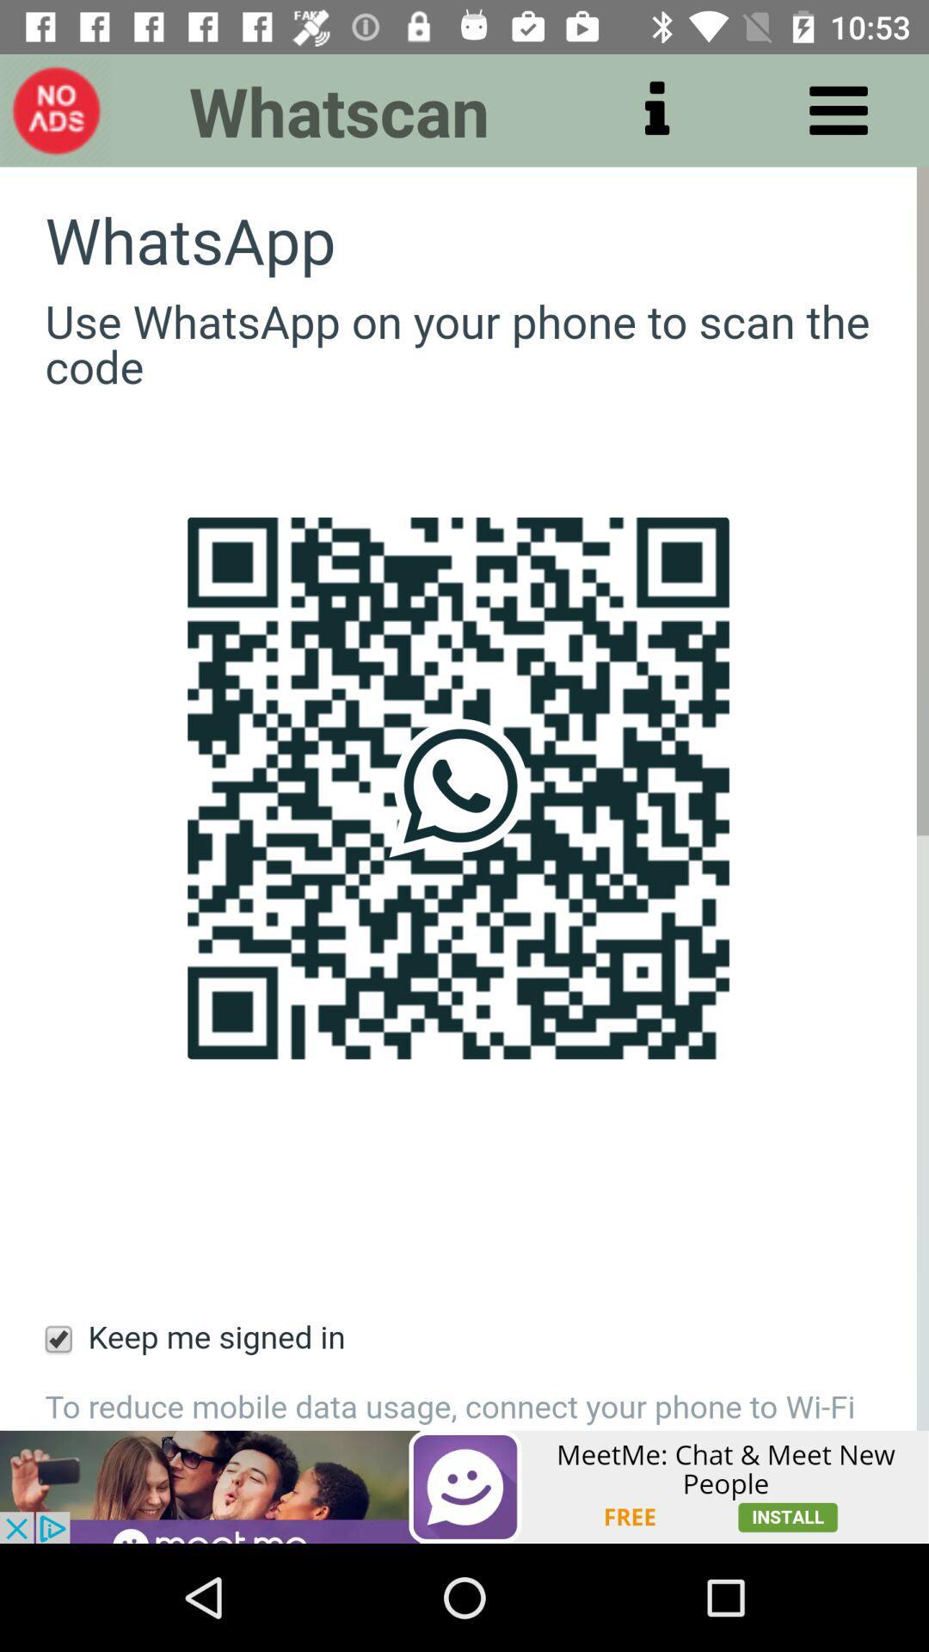 This screenshot has width=929, height=1652. I want to click on scan the code in mobile, so click(464, 798).